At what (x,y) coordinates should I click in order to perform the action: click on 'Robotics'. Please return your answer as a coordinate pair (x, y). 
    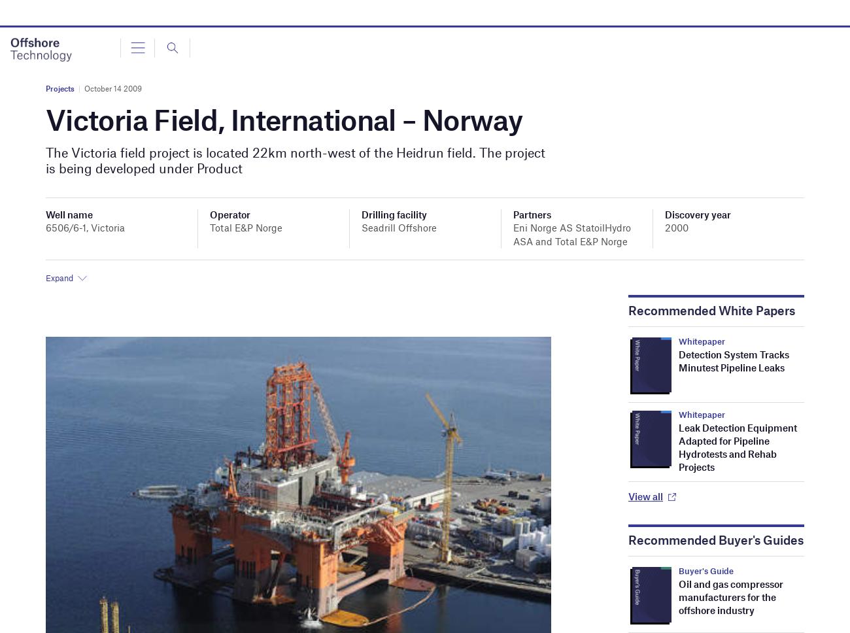
    Looking at the image, I should click on (55, 229).